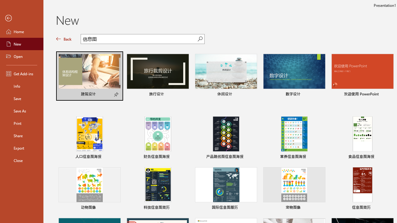  I want to click on 'Start searching', so click(200, 39).